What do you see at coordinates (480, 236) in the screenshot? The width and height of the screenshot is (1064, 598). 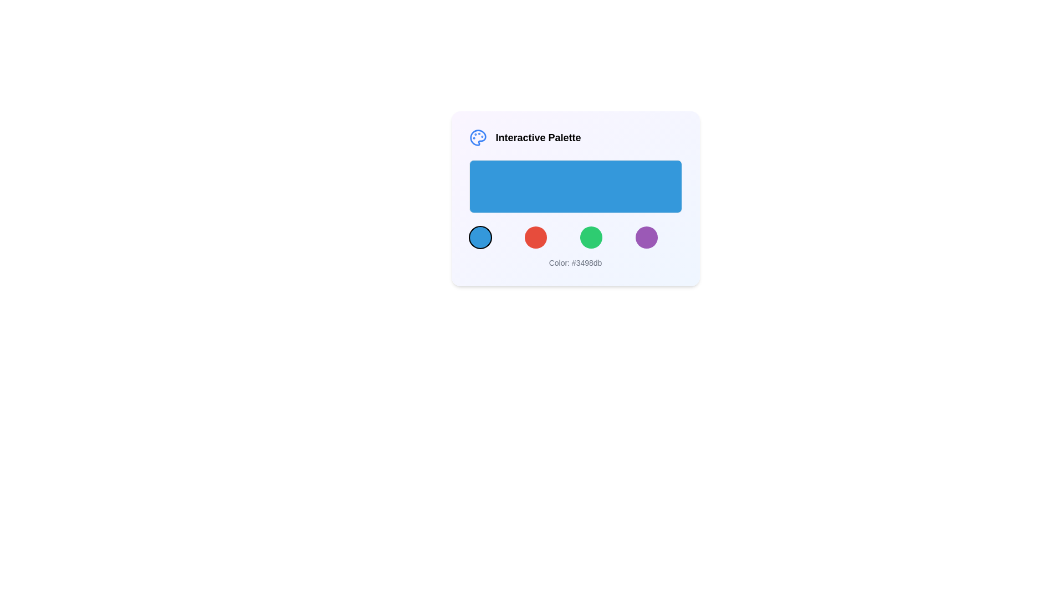 I see `the first circular button with a blue interior and a black border located beneath the blue rectangular area labeled 'Color: #3498db' using the navigation keys for interaction` at bounding box center [480, 236].